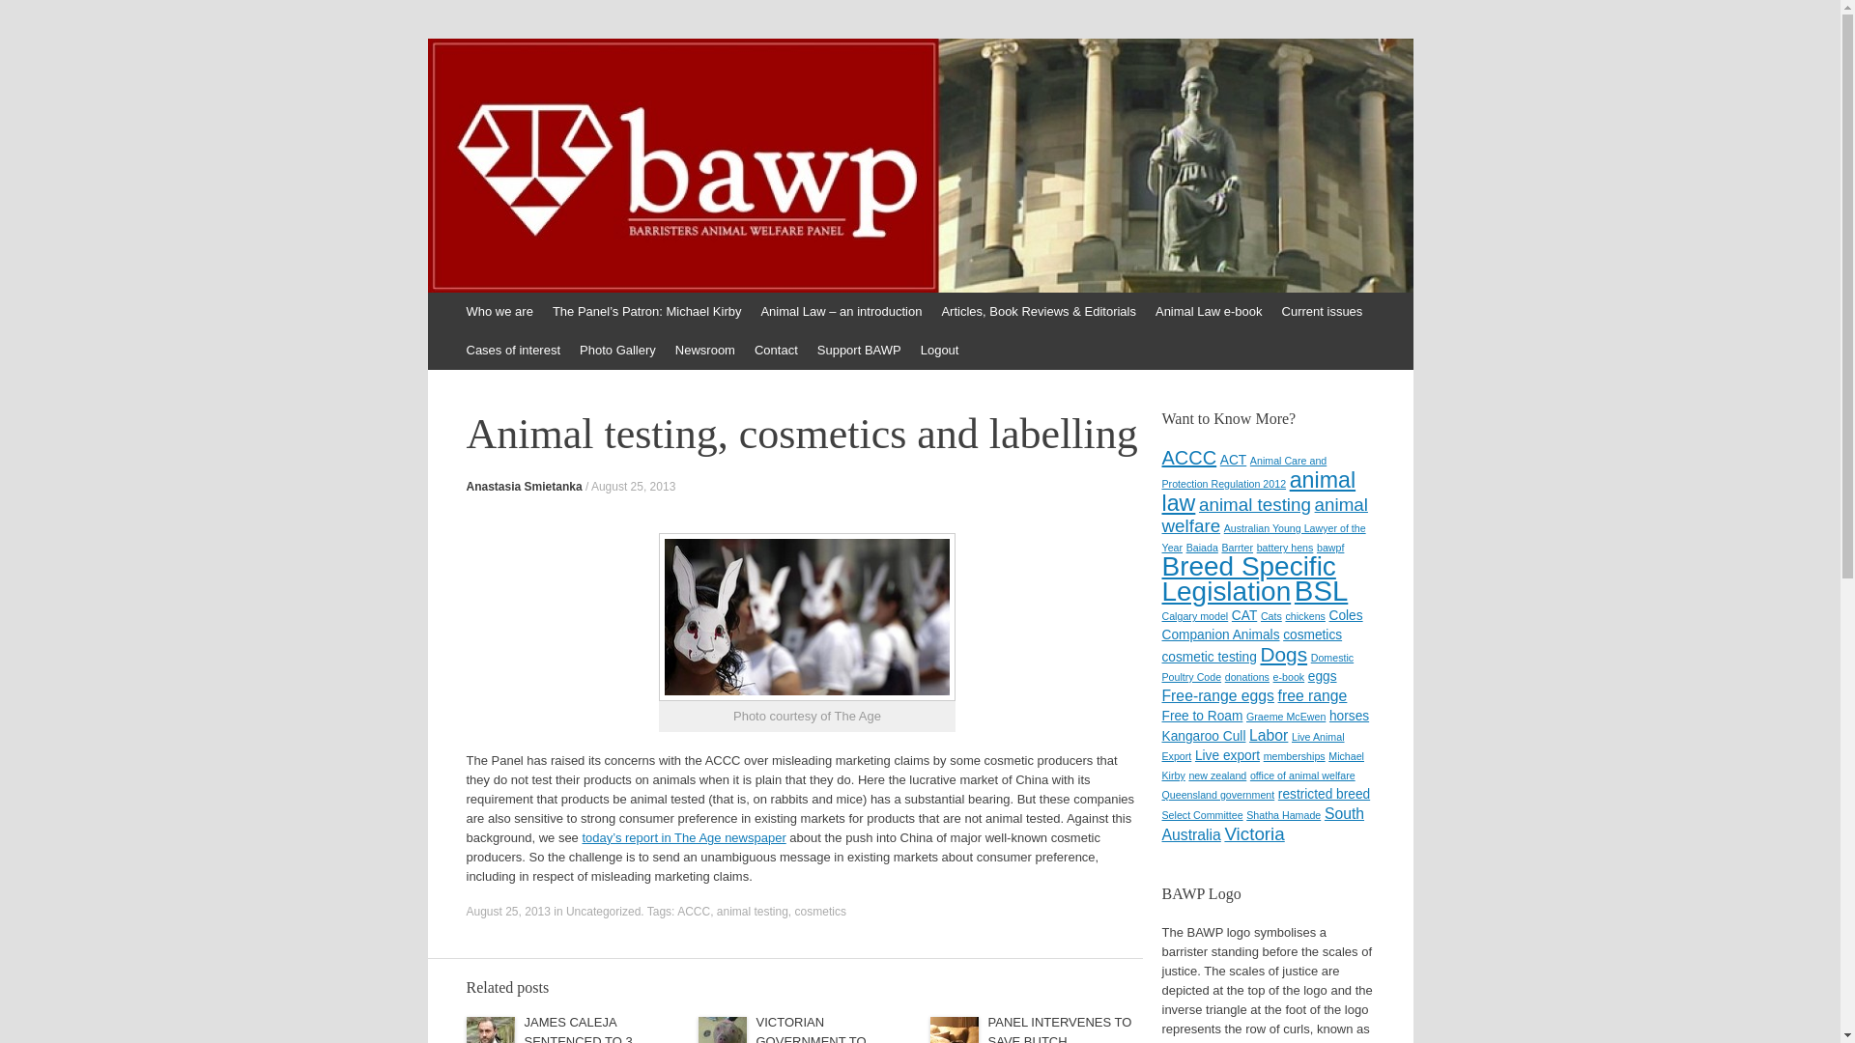 The height and width of the screenshot is (1043, 1855). I want to click on 'Skip to content', so click(477, 311).